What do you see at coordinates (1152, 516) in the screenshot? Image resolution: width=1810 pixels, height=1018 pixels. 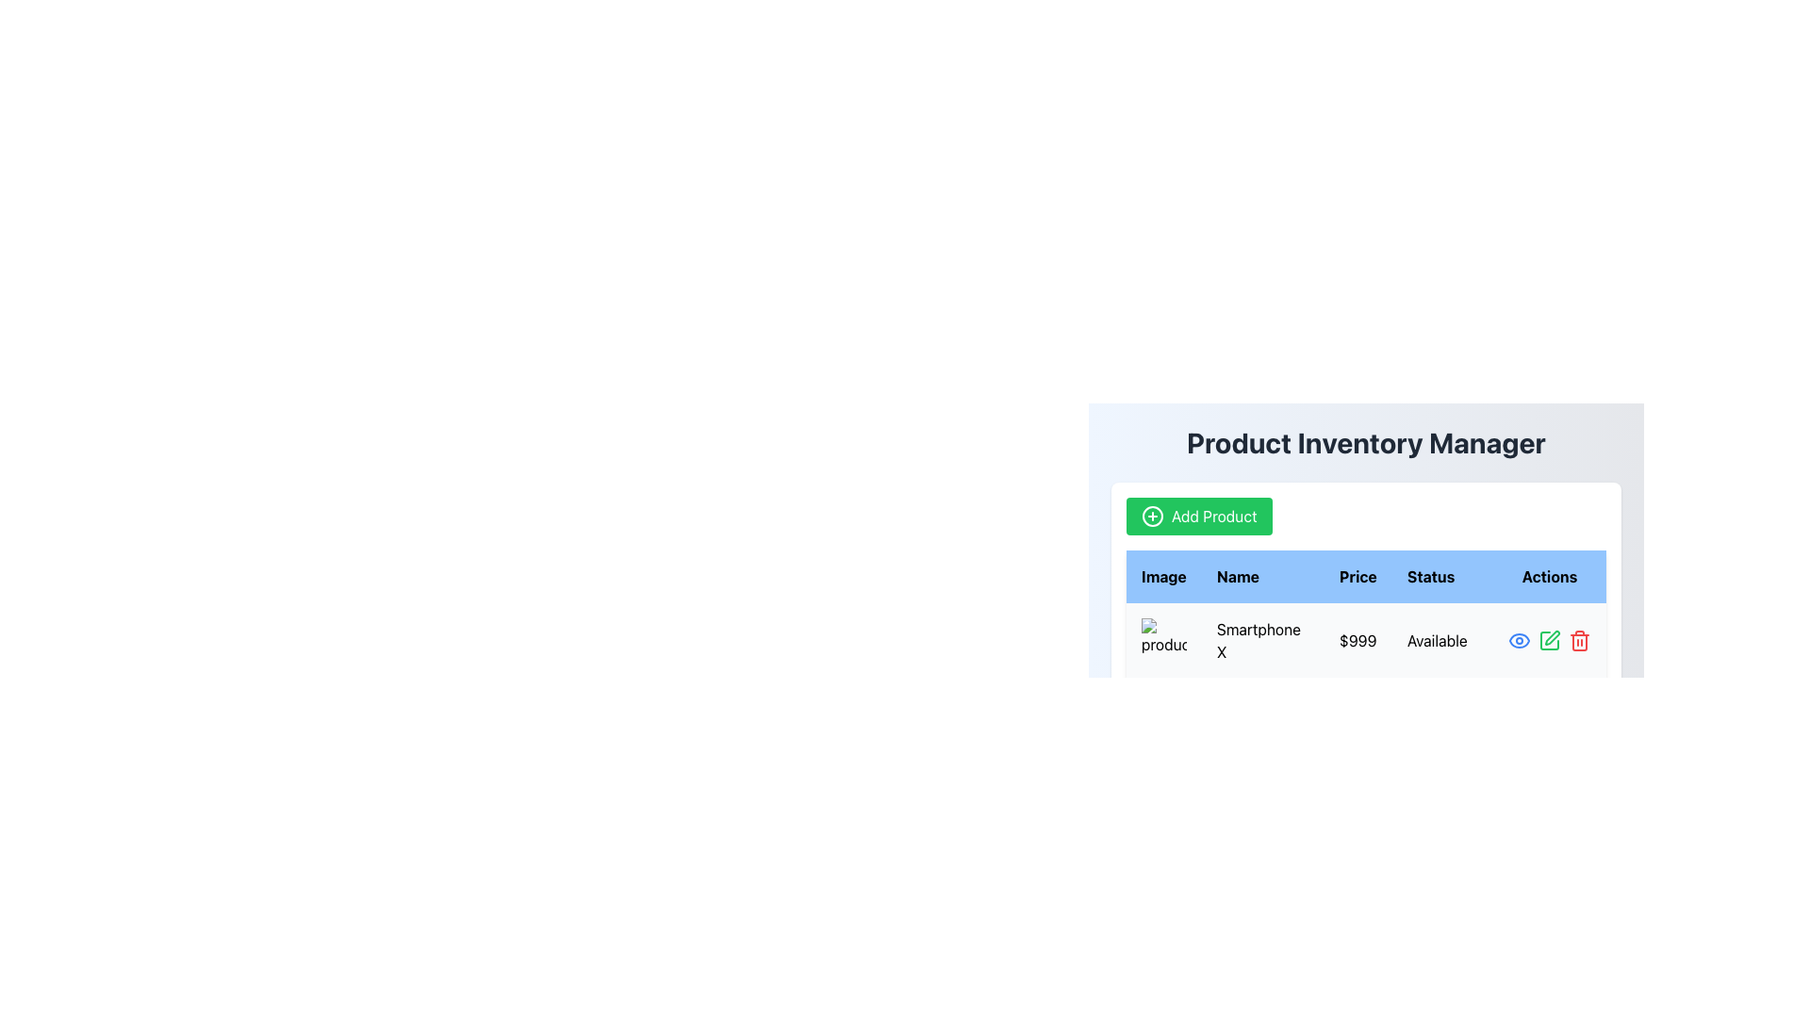 I see `the circular outline icon within the 'Add Product' button located in the header section of the interface` at bounding box center [1152, 516].